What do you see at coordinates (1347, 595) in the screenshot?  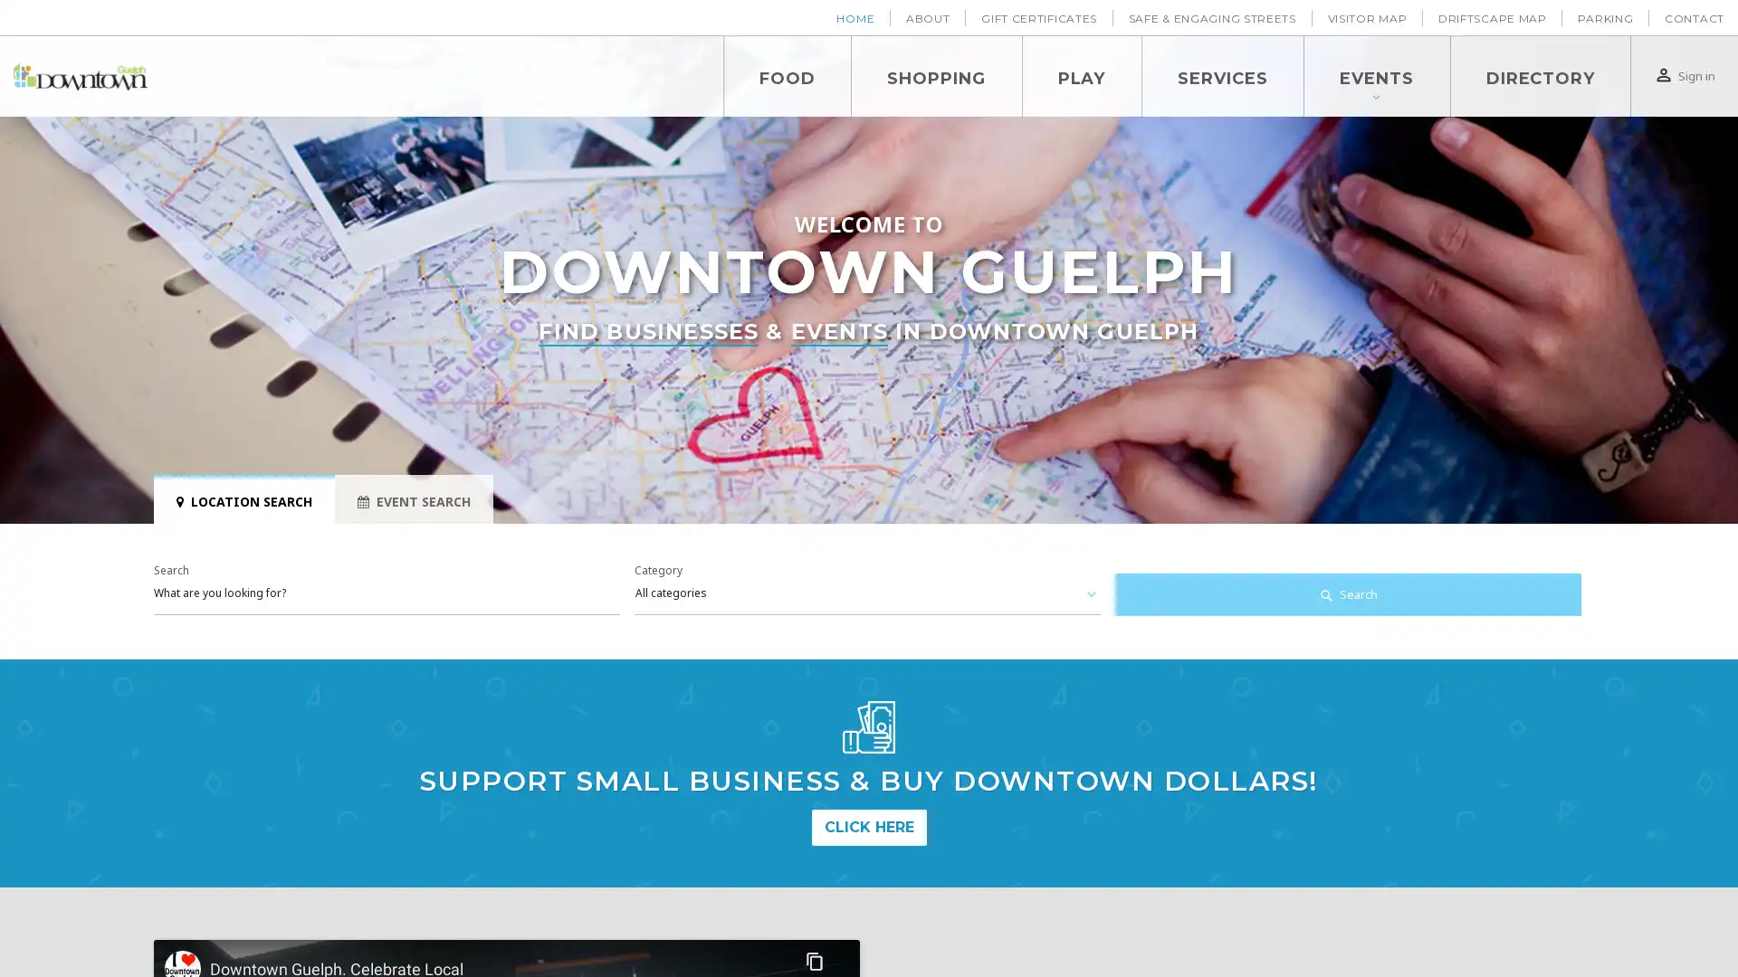 I see `searchSearch` at bounding box center [1347, 595].